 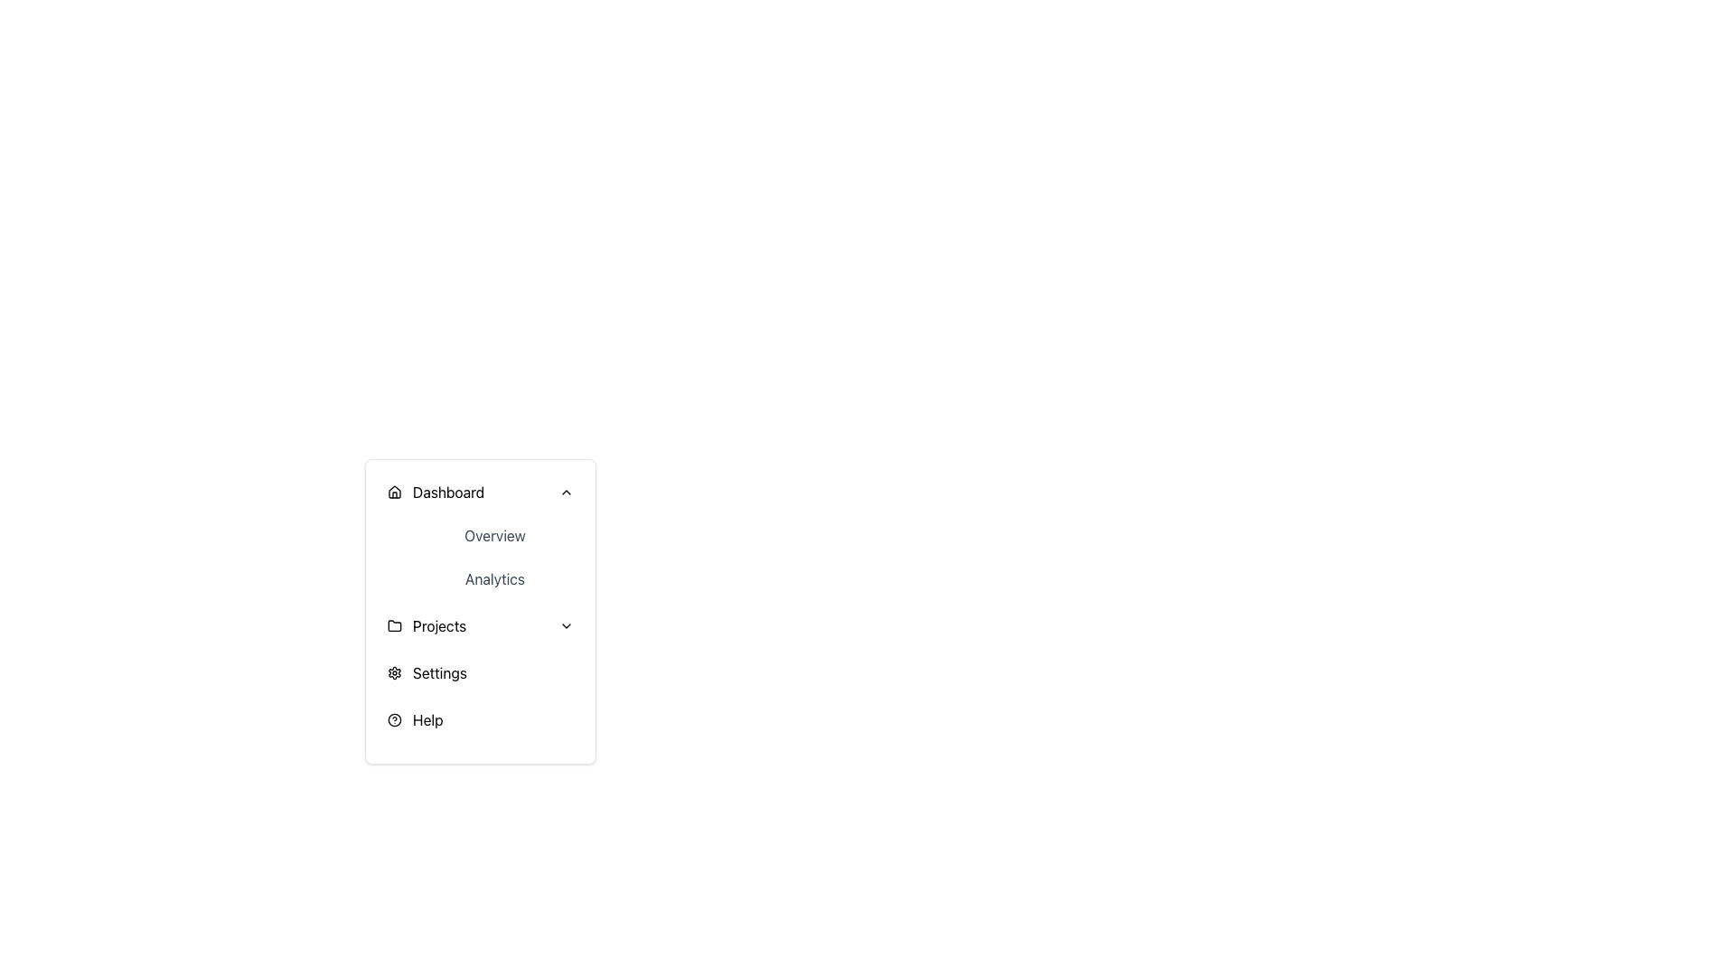 I want to click on the settings label in the navigation menu, so click(x=439, y=672).